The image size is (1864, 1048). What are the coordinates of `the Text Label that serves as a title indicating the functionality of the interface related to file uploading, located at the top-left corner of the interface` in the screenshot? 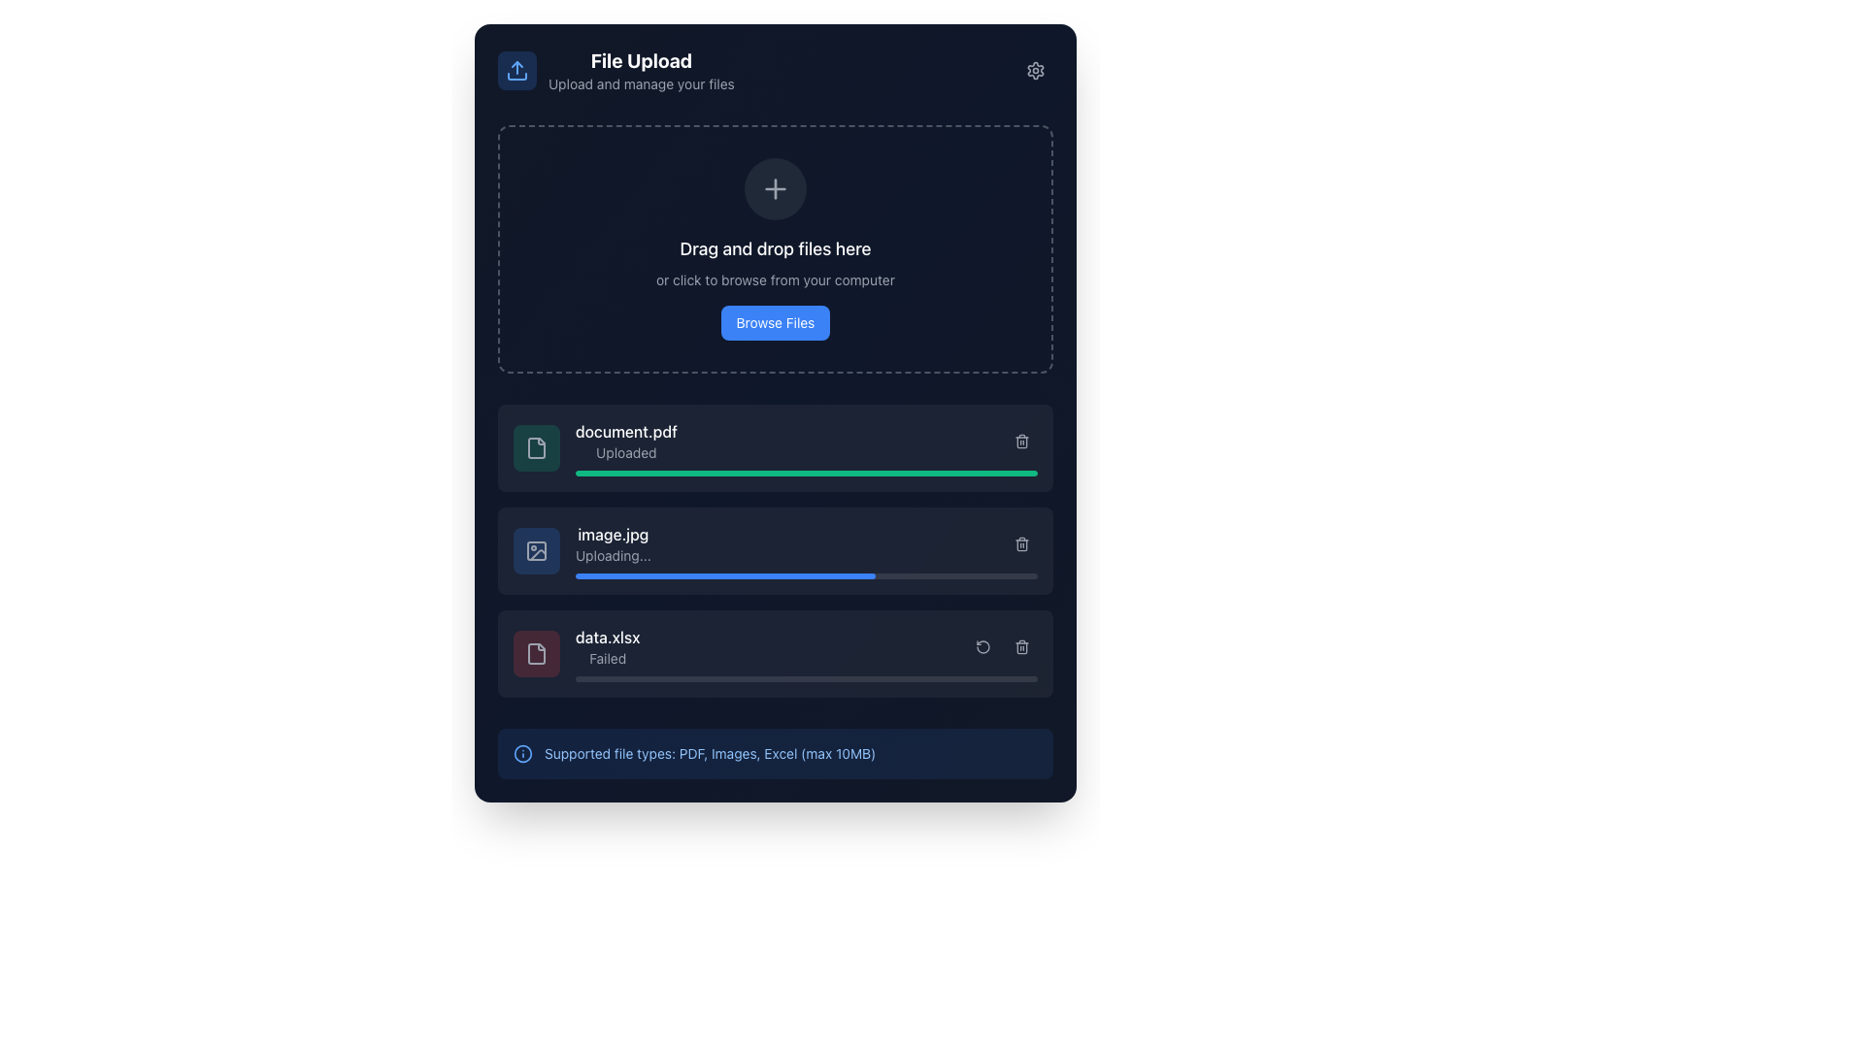 It's located at (641, 59).